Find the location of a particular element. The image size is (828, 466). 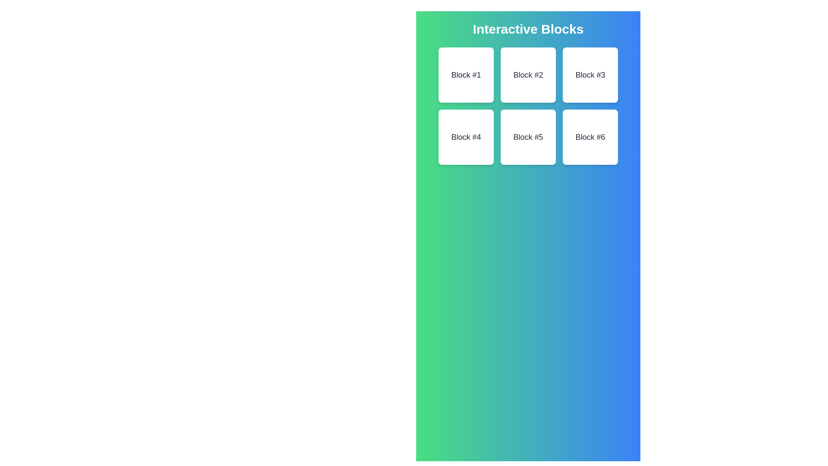

the text label that identifies the fifth block of a grid layout, which says 'Block #5', located in the center column of the second row is located at coordinates (527, 136).